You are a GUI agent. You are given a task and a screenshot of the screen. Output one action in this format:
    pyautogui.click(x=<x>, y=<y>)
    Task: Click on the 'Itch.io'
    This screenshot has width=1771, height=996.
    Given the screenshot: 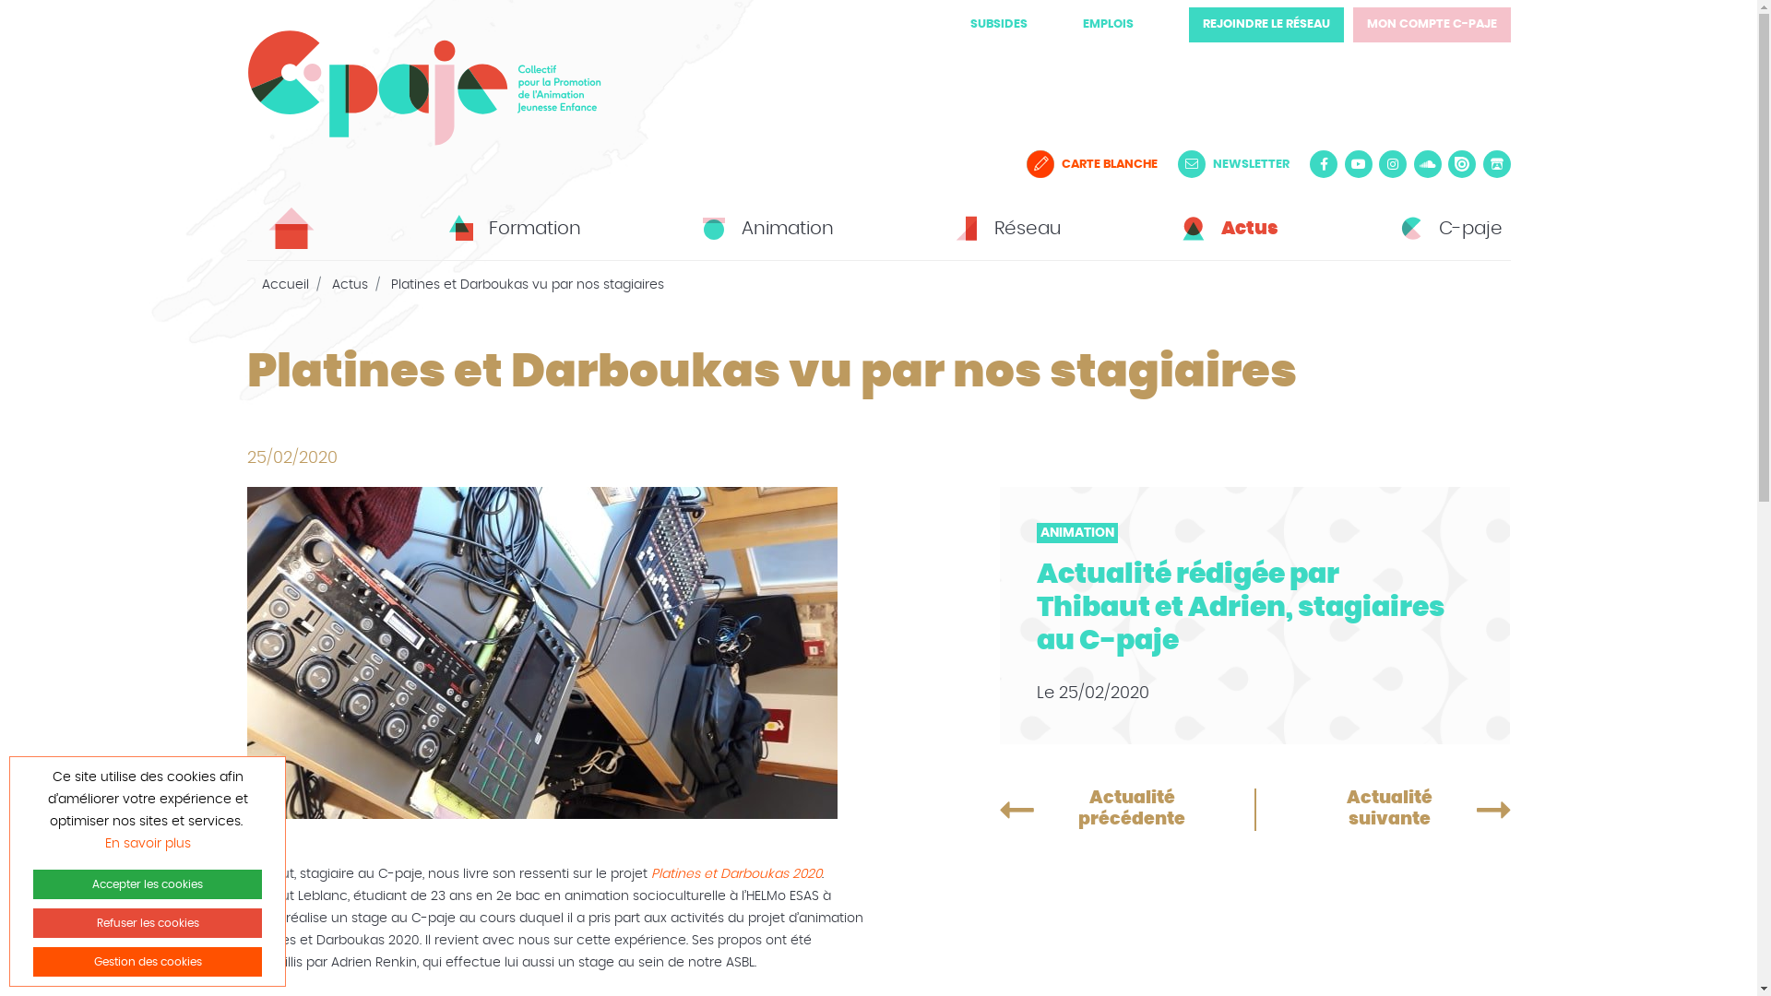 What is the action you would take?
    pyautogui.click(x=1483, y=162)
    